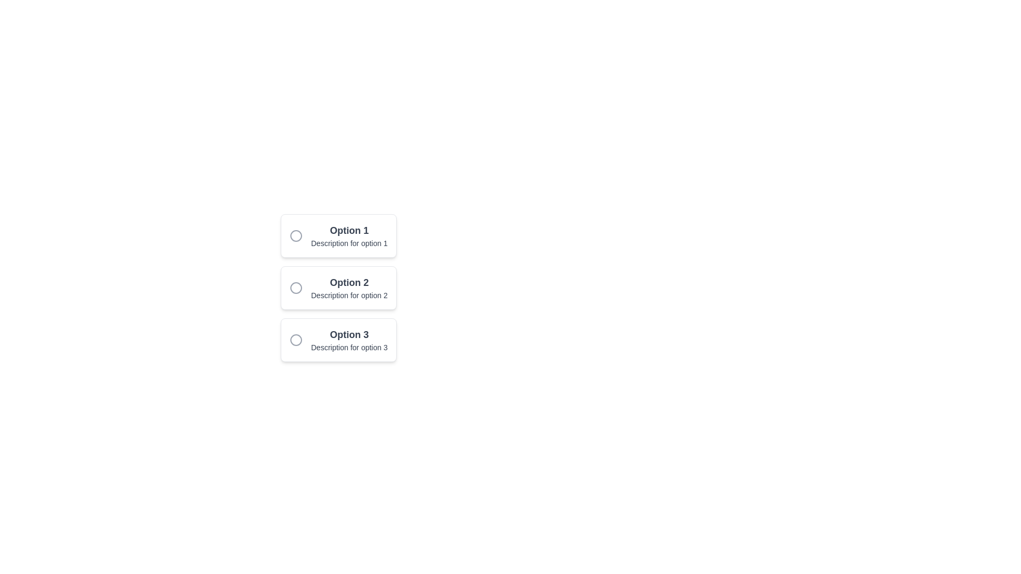 This screenshot has height=574, width=1021. I want to click on the inactive radio button icon (circle) located in the second position of a vertical list of three options, so click(296, 288).